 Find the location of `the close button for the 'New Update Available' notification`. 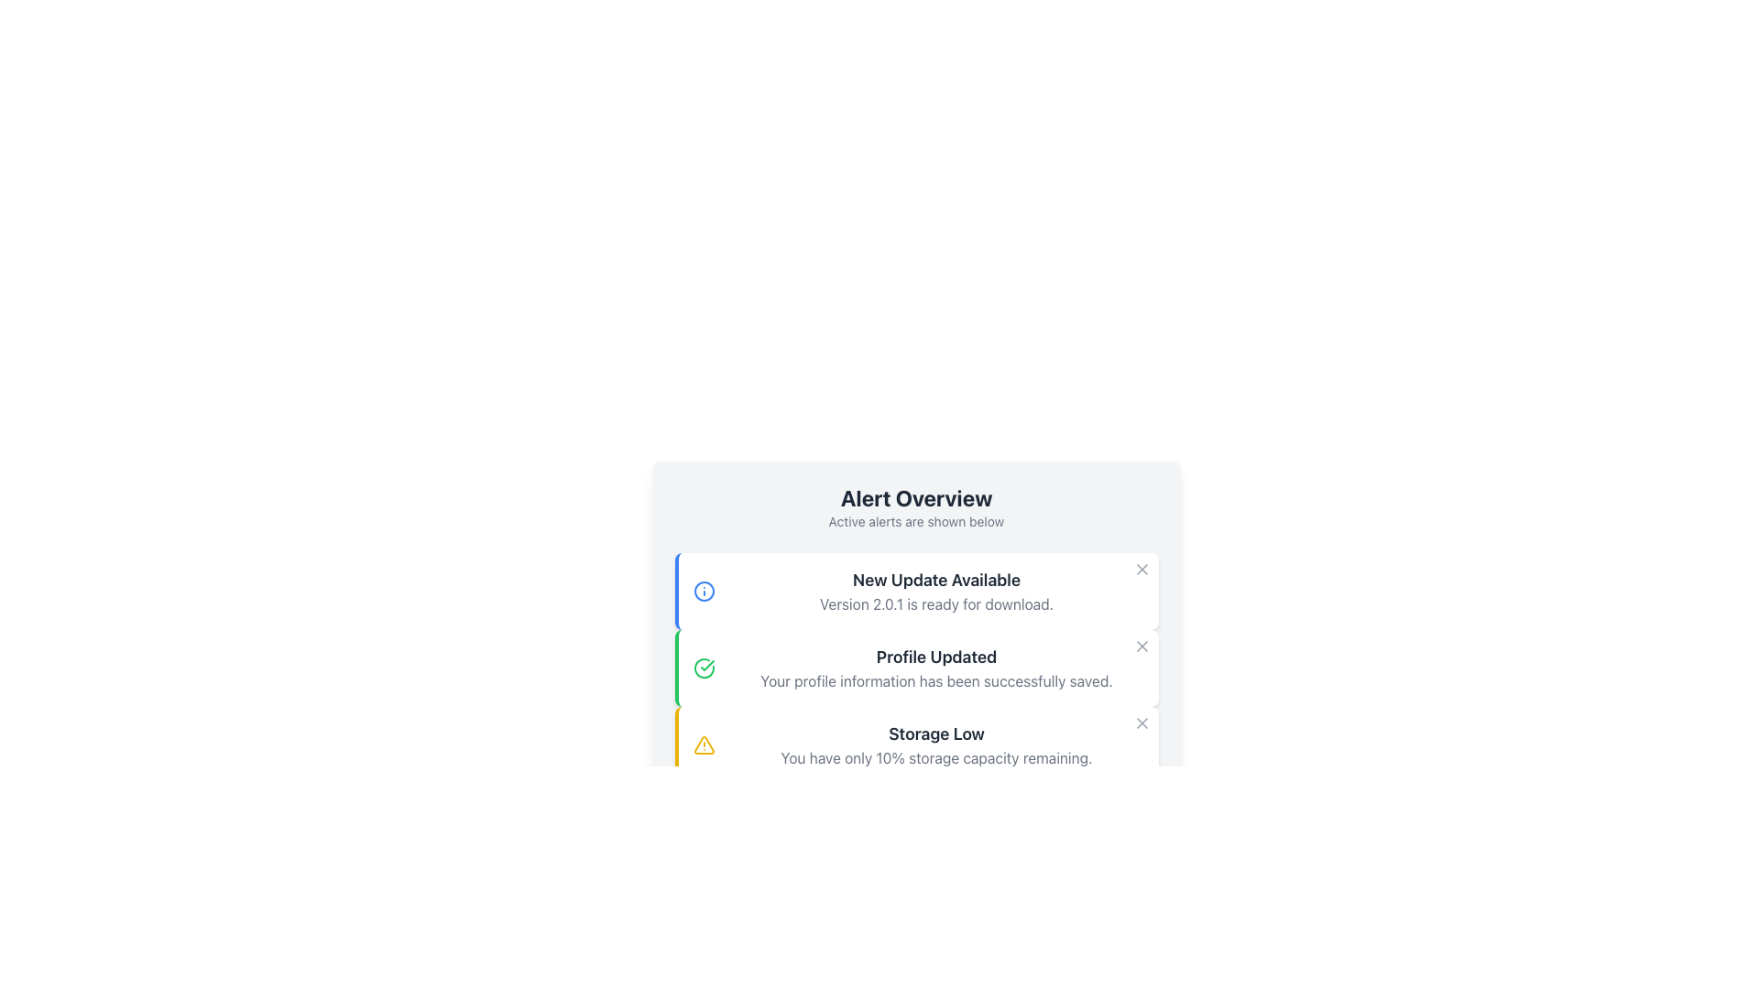

the close button for the 'New Update Available' notification is located at coordinates (1141, 568).